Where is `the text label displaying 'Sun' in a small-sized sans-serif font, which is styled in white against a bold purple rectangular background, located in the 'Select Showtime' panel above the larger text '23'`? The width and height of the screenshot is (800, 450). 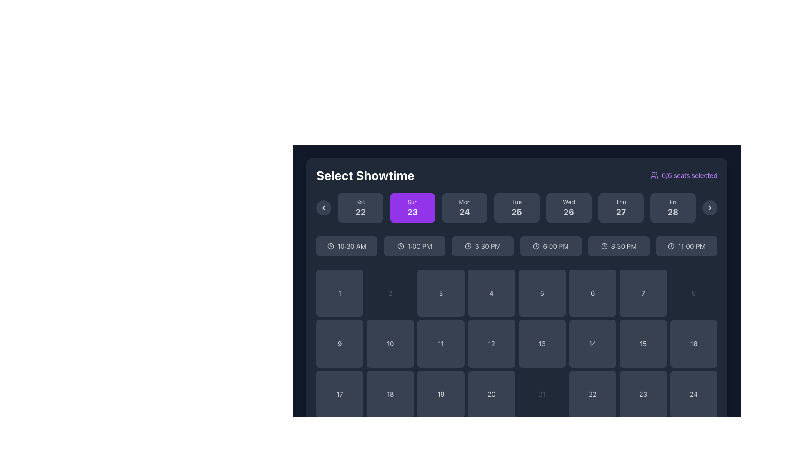 the text label displaying 'Sun' in a small-sized sans-serif font, which is styled in white against a bold purple rectangular background, located in the 'Select Showtime' panel above the larger text '23' is located at coordinates (412, 202).